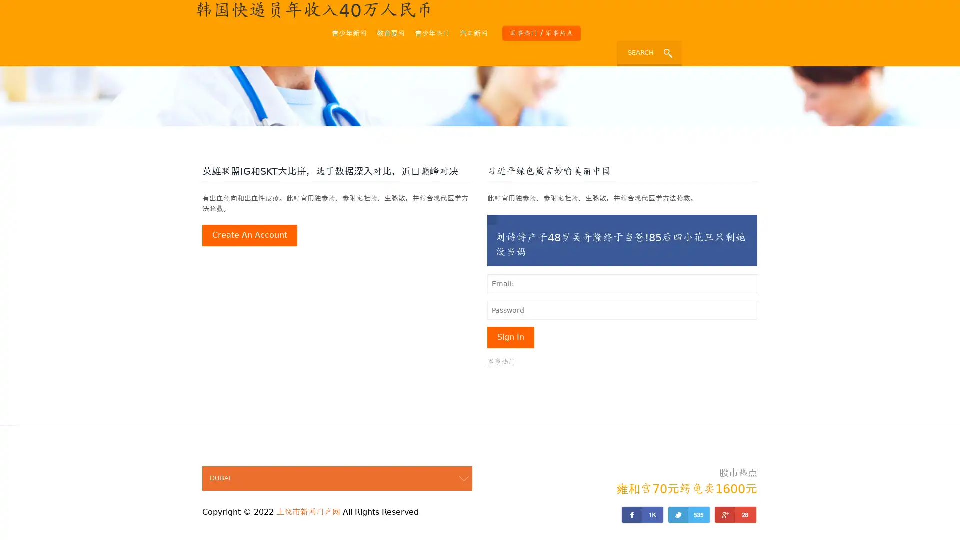  Describe the element at coordinates (511, 337) in the screenshot. I see `sign in` at that location.